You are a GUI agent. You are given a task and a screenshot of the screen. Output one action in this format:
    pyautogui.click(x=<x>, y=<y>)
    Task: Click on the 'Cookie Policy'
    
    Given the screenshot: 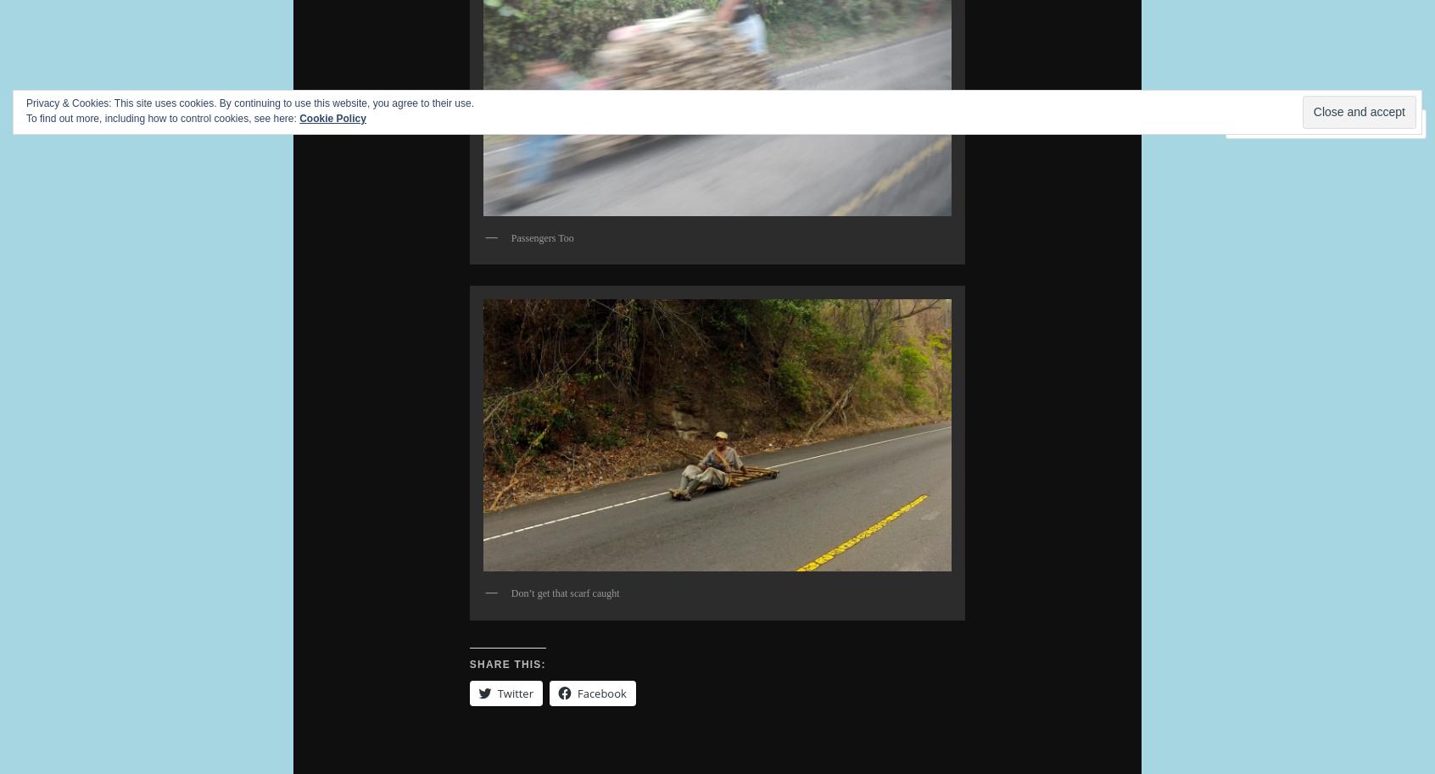 What is the action you would take?
    pyautogui.click(x=332, y=117)
    